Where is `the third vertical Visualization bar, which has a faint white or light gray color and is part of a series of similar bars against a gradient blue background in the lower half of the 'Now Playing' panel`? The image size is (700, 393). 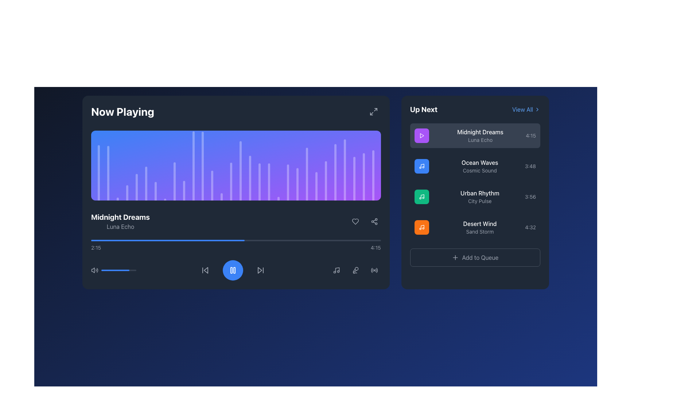 the third vertical Visualization bar, which has a faint white or light gray color and is part of a series of similar bars against a gradient blue background in the lower half of the 'Now Playing' panel is located at coordinates (117, 199).